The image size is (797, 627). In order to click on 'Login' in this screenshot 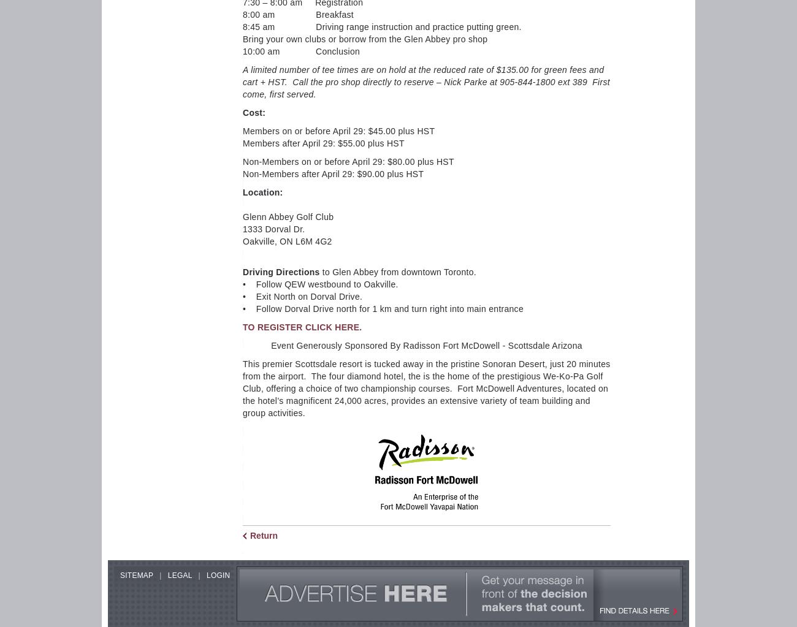, I will do `click(205, 575)`.